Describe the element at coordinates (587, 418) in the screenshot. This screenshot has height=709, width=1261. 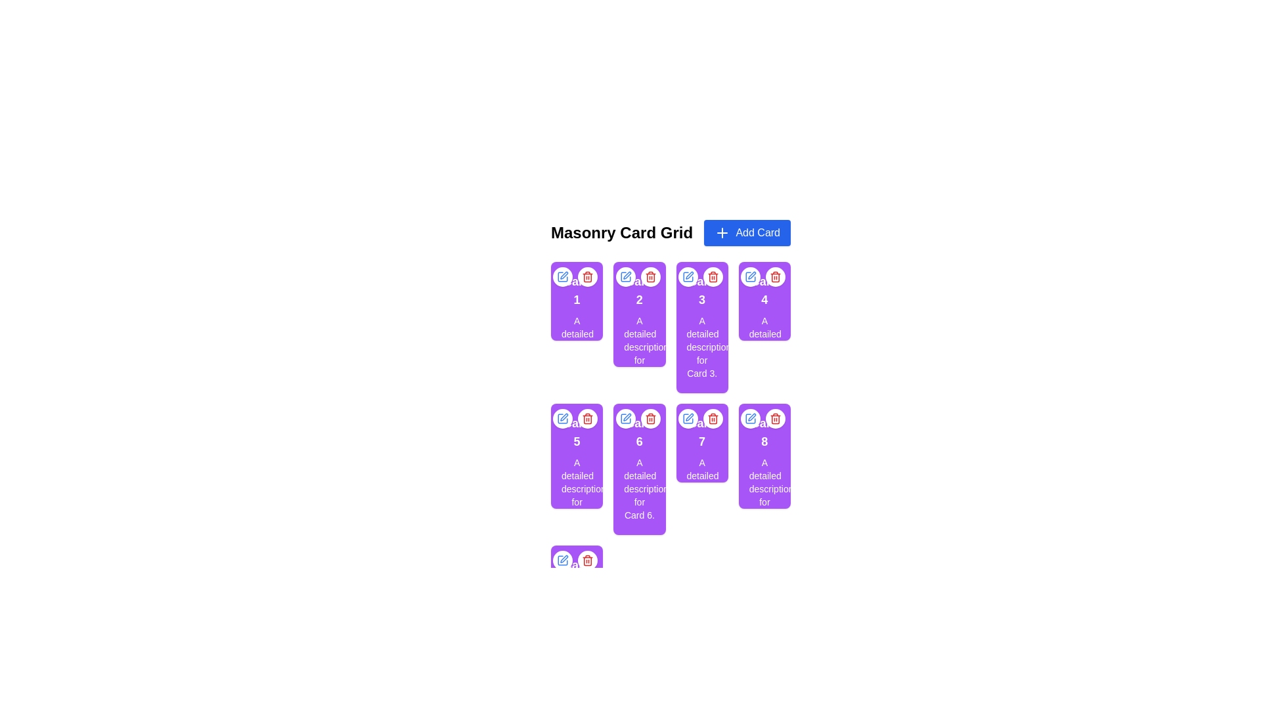
I see `the circular delete button with a white background and red trash can icon, which is the second button in a row of two, located in the top-right corner of the card labeled '5'` at that location.